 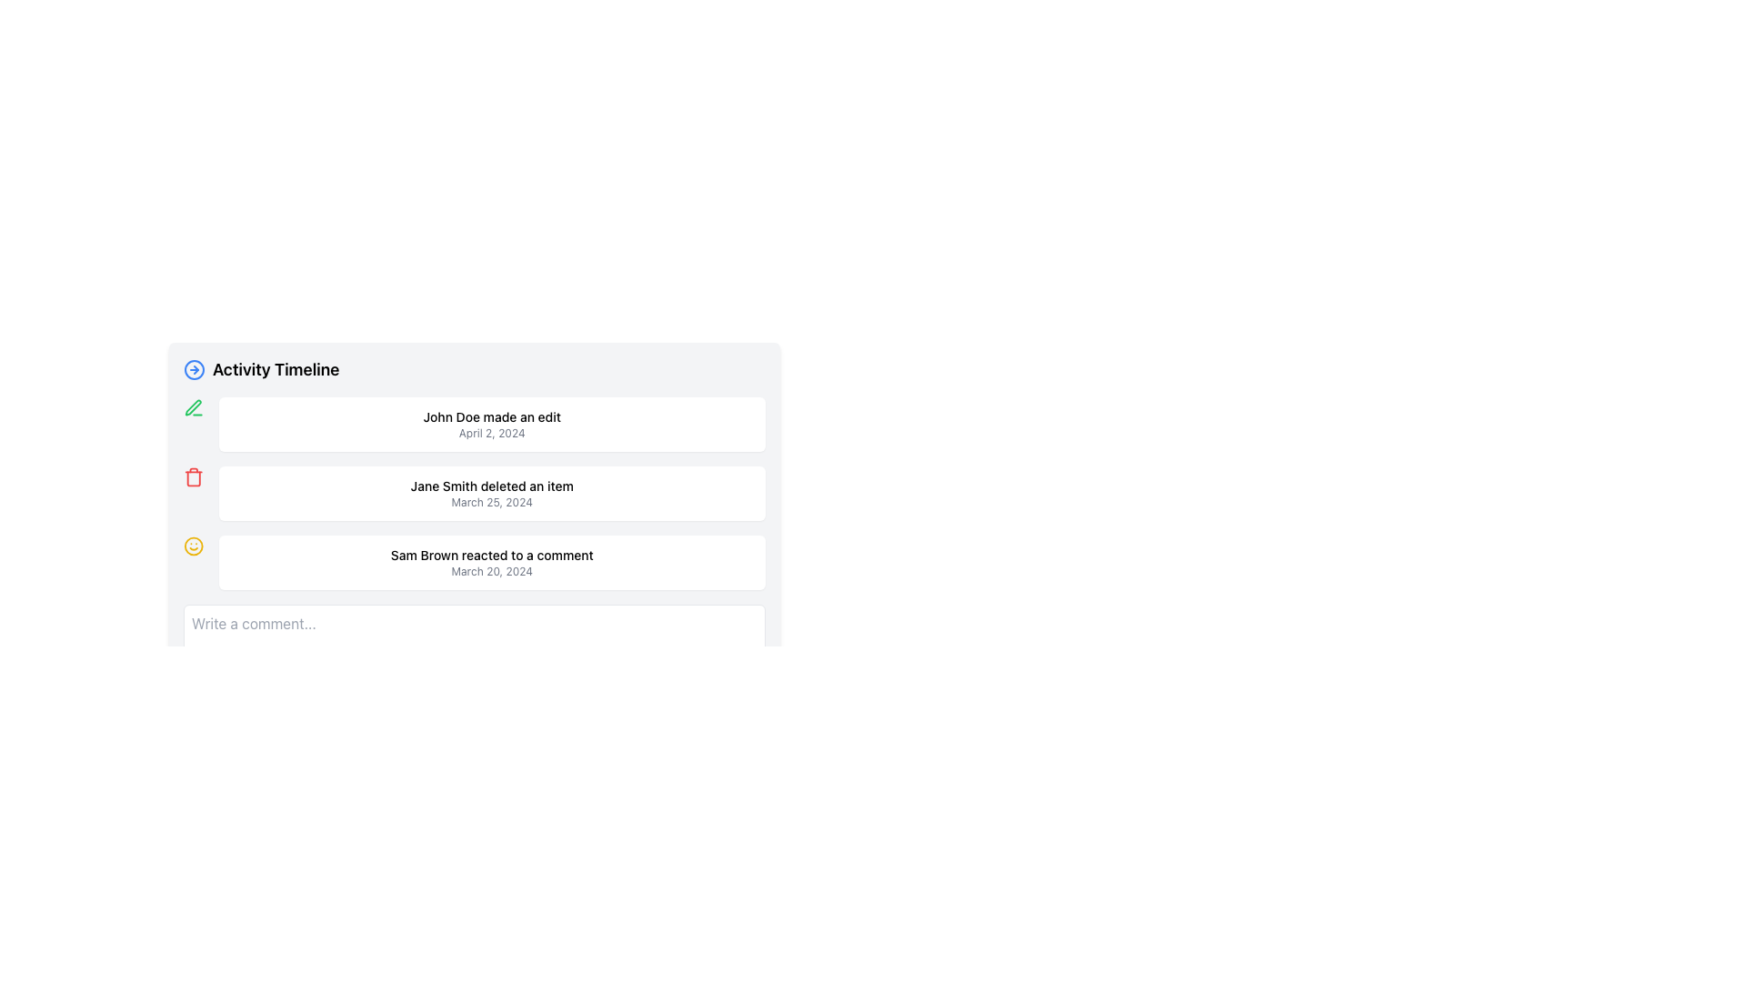 I want to click on the smiley face icon located at the top left of the panel row containing the text 'Sam Brown reacted to a comment March 20, 2024', so click(x=194, y=546).